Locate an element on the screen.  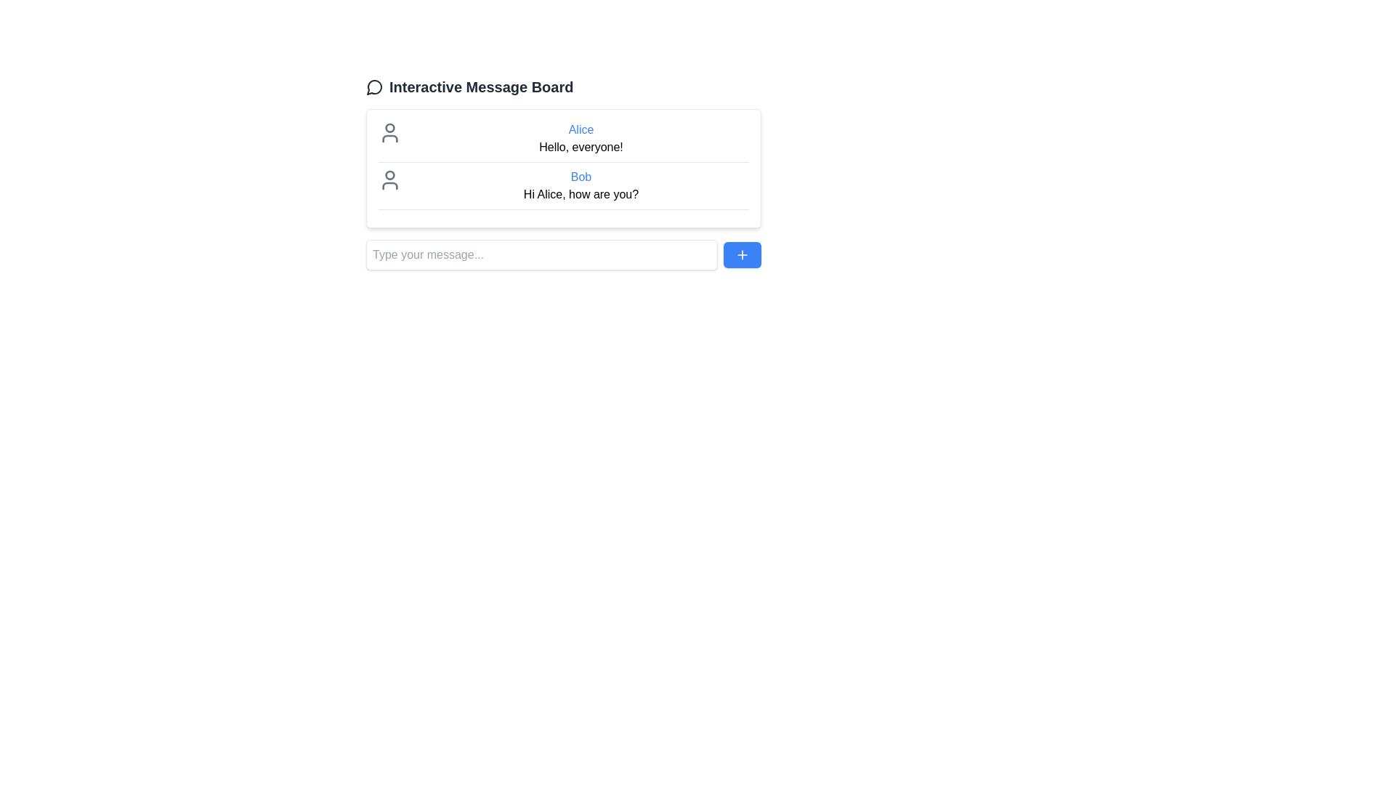
the Avatar icon representing user 'Bob' located on the left side of the message panel is located at coordinates (390, 179).